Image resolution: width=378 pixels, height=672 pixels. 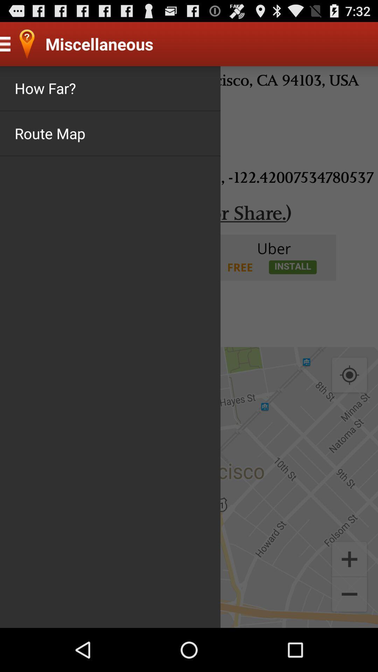 I want to click on the add icon, so click(x=349, y=597).